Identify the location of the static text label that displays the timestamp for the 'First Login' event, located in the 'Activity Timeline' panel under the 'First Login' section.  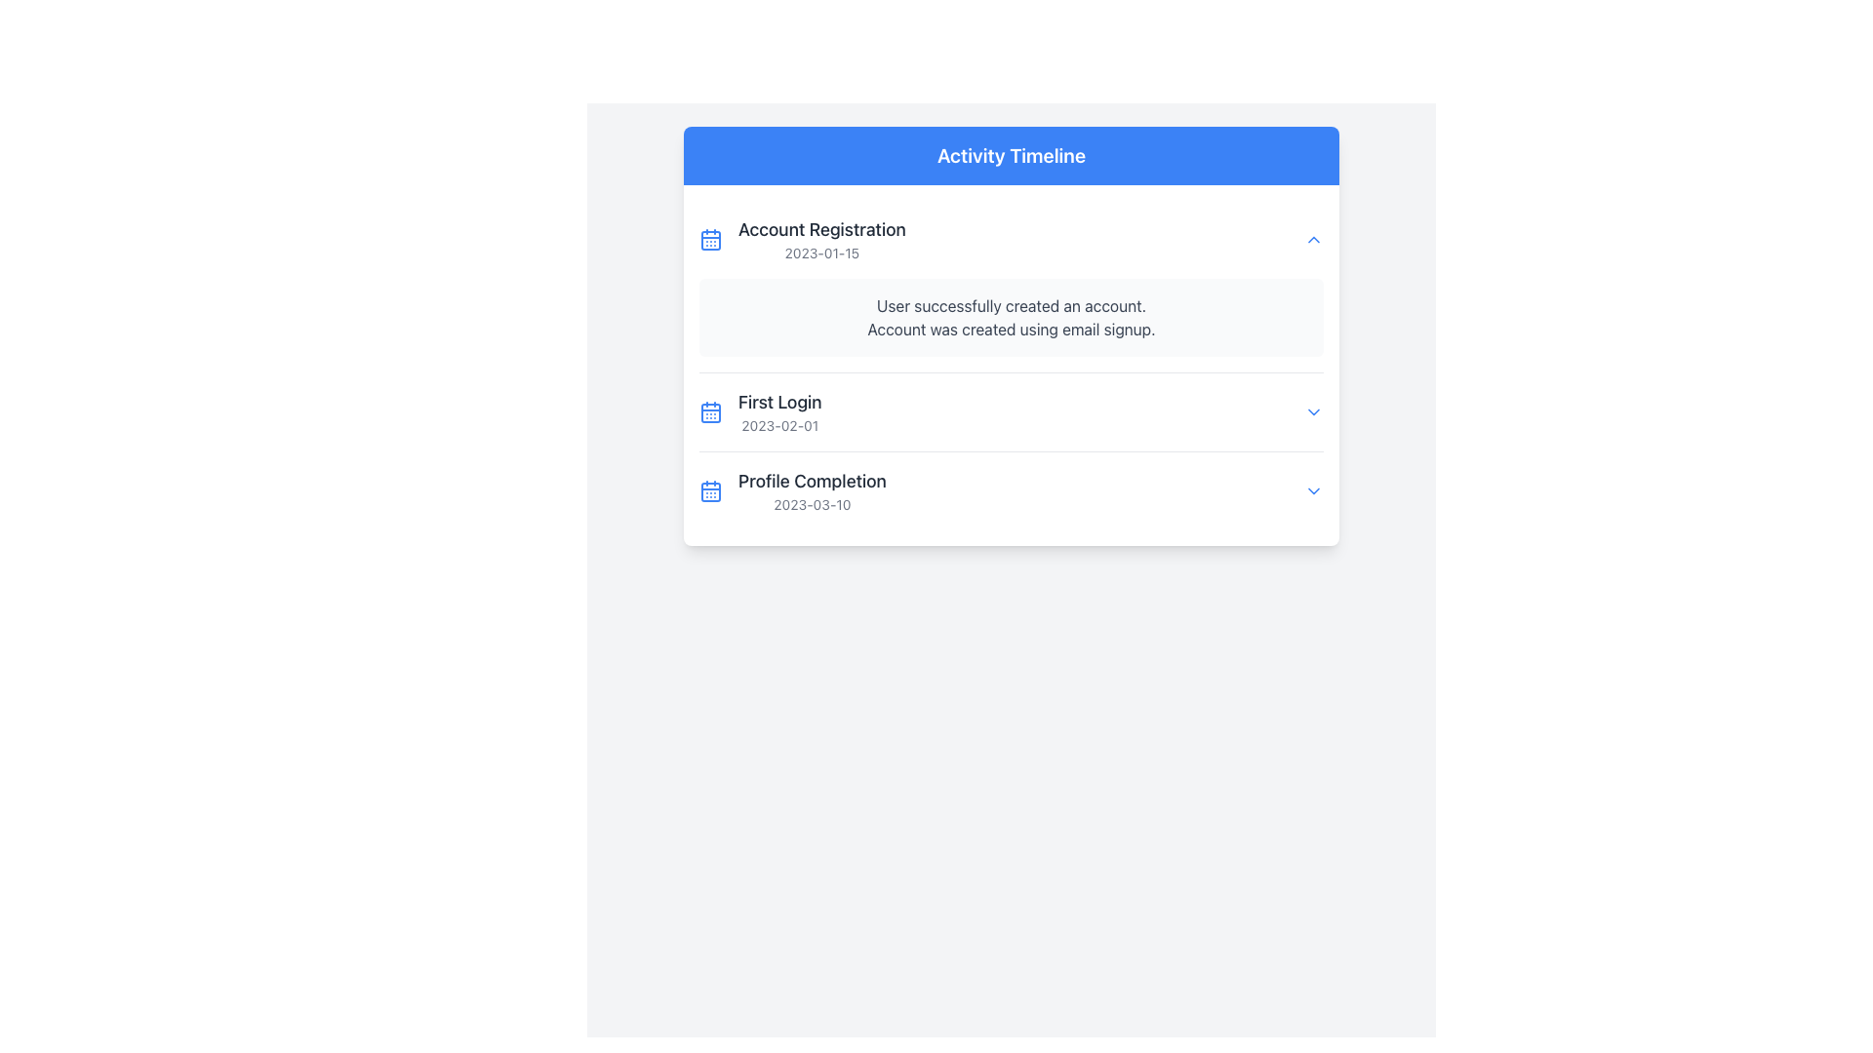
(778, 424).